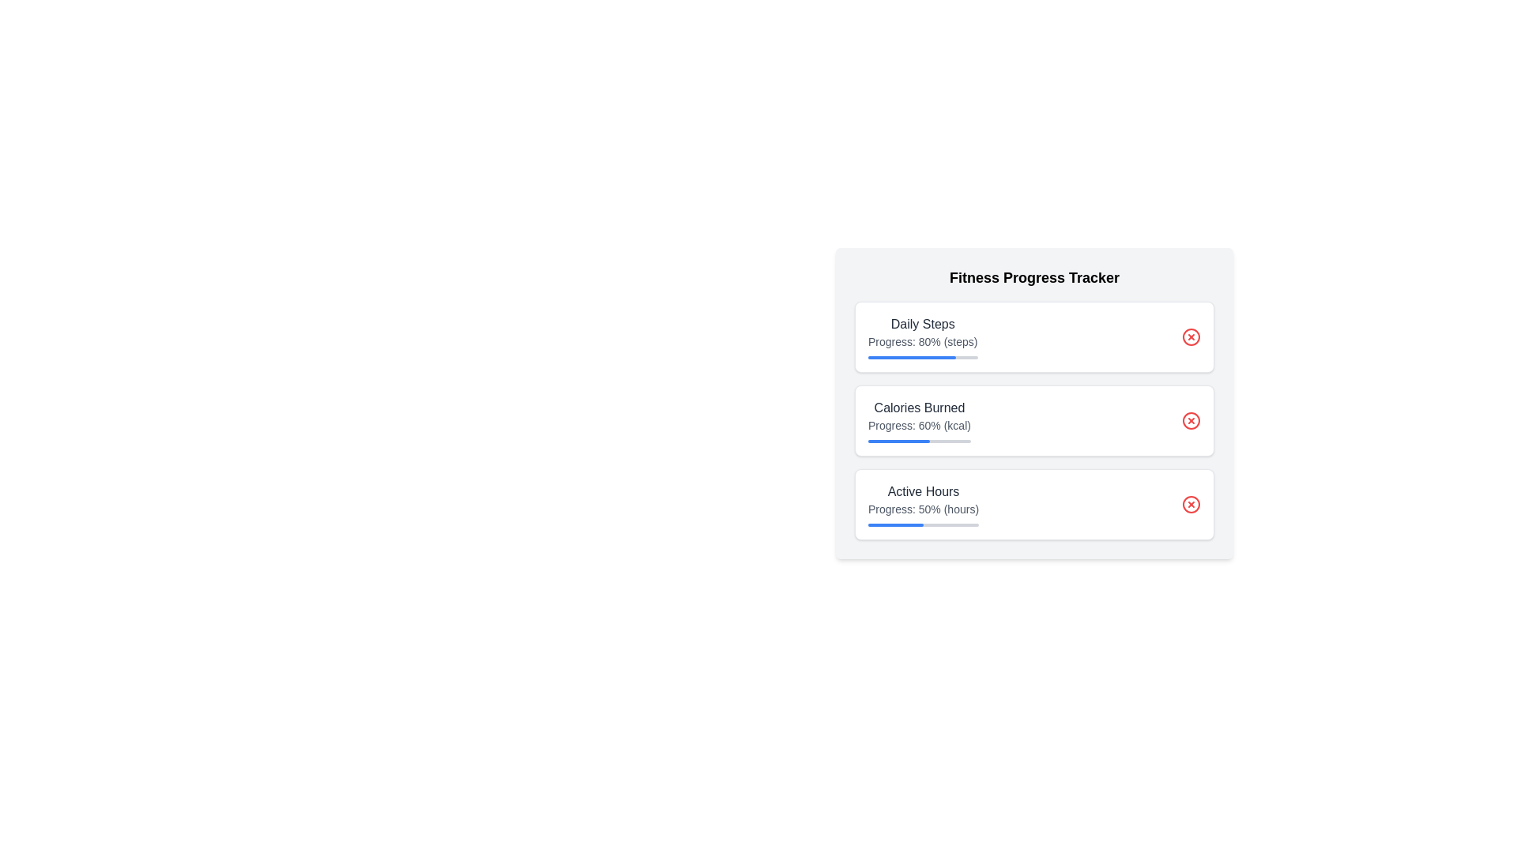  Describe the element at coordinates (1034, 505) in the screenshot. I see `the text labels for the progress bar labeled 'Active Hours' with a descriptor 'Progress: 50% (hours)' located within the 'Fitness Progress Tracker' card` at that location.